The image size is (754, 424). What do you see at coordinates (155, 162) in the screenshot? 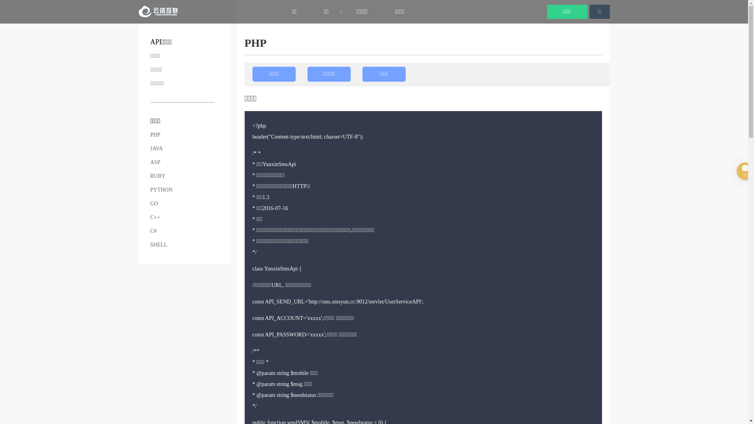
I see `'ASP'` at bounding box center [155, 162].